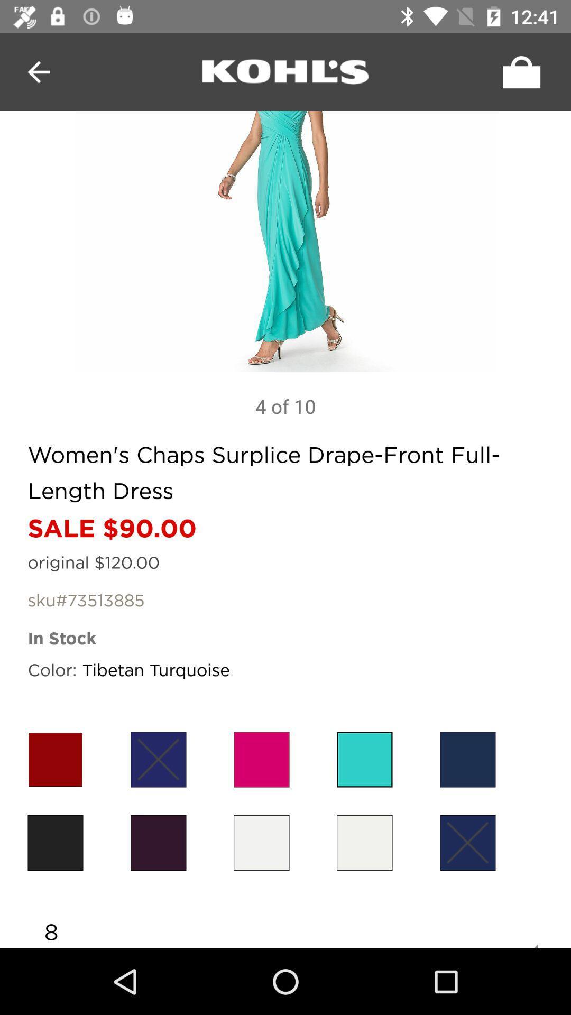 The height and width of the screenshot is (1015, 571). Describe the element at coordinates (159, 759) in the screenshot. I see `change color to blue` at that location.